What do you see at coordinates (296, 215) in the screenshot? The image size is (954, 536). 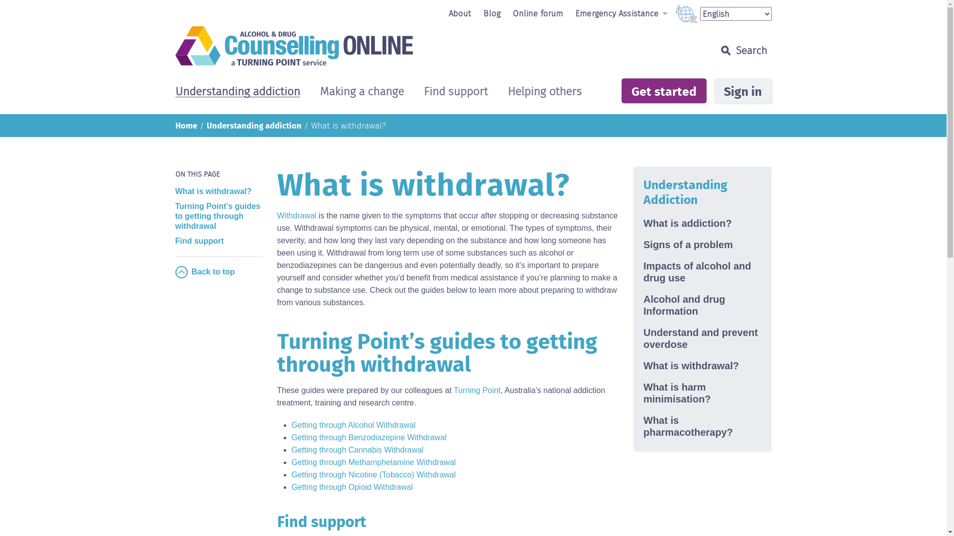 I see `'Withdrawal'` at bounding box center [296, 215].